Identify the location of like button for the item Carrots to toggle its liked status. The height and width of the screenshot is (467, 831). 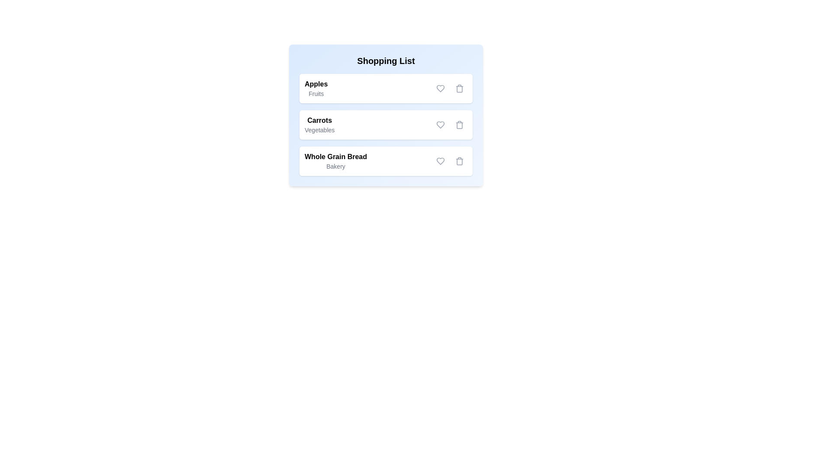
(440, 125).